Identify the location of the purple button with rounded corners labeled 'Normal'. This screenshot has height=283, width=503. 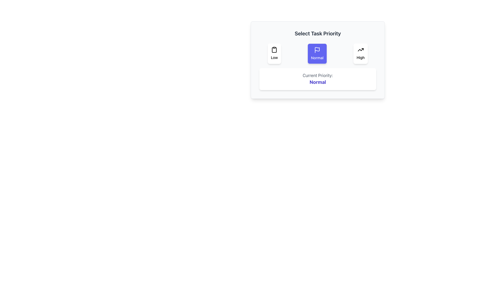
(317, 53).